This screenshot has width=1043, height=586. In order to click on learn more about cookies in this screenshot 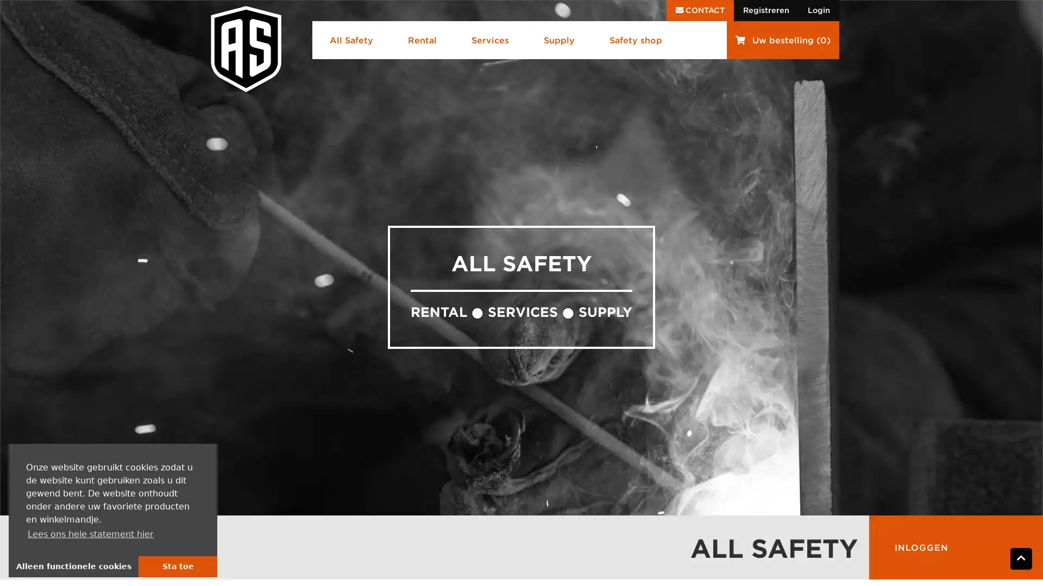, I will do `click(91, 533)`.